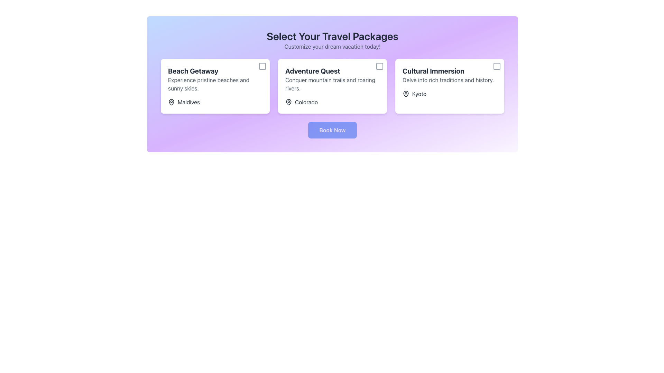  I want to click on the label that identifies the location 'Kyoto' next to the map pin icon in the 'Cultural Immersion' travel package card, so click(419, 94).